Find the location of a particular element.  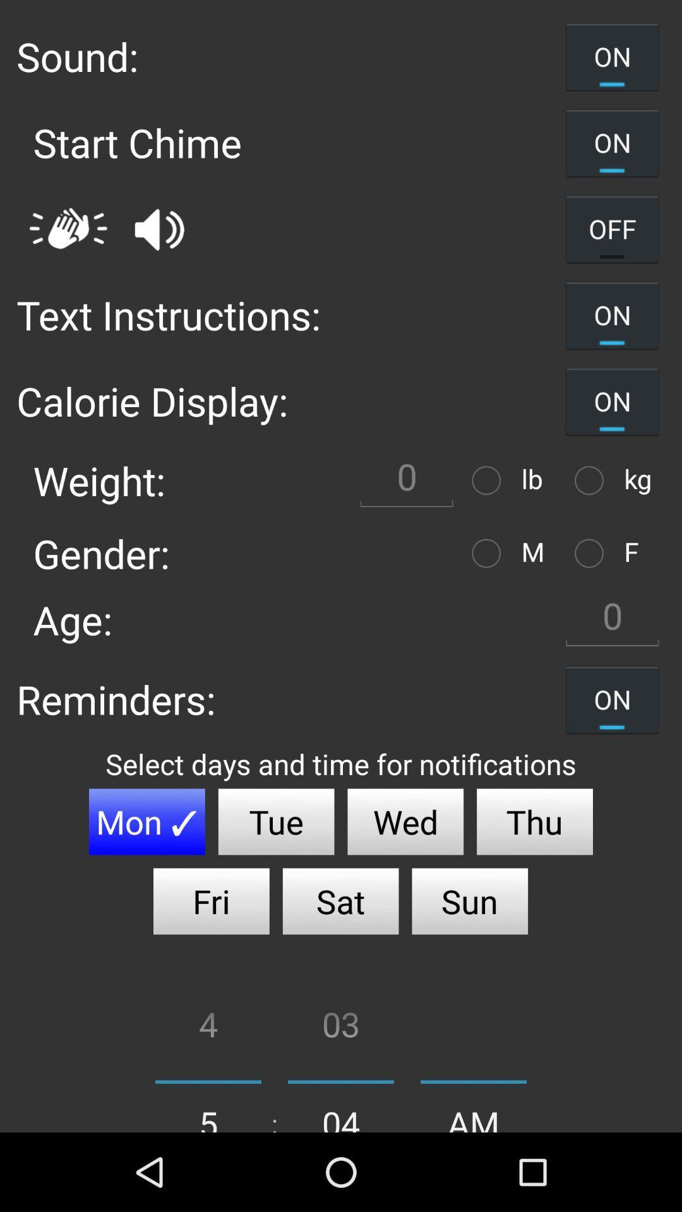

choose pounds is located at coordinates (489, 480).